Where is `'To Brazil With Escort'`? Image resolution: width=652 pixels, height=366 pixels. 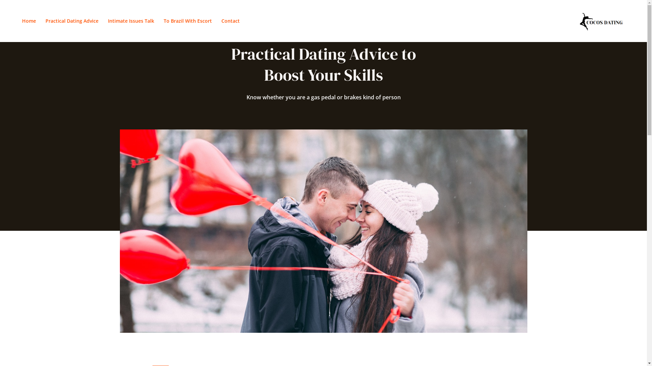 'To Brazil With Escort' is located at coordinates (187, 20).